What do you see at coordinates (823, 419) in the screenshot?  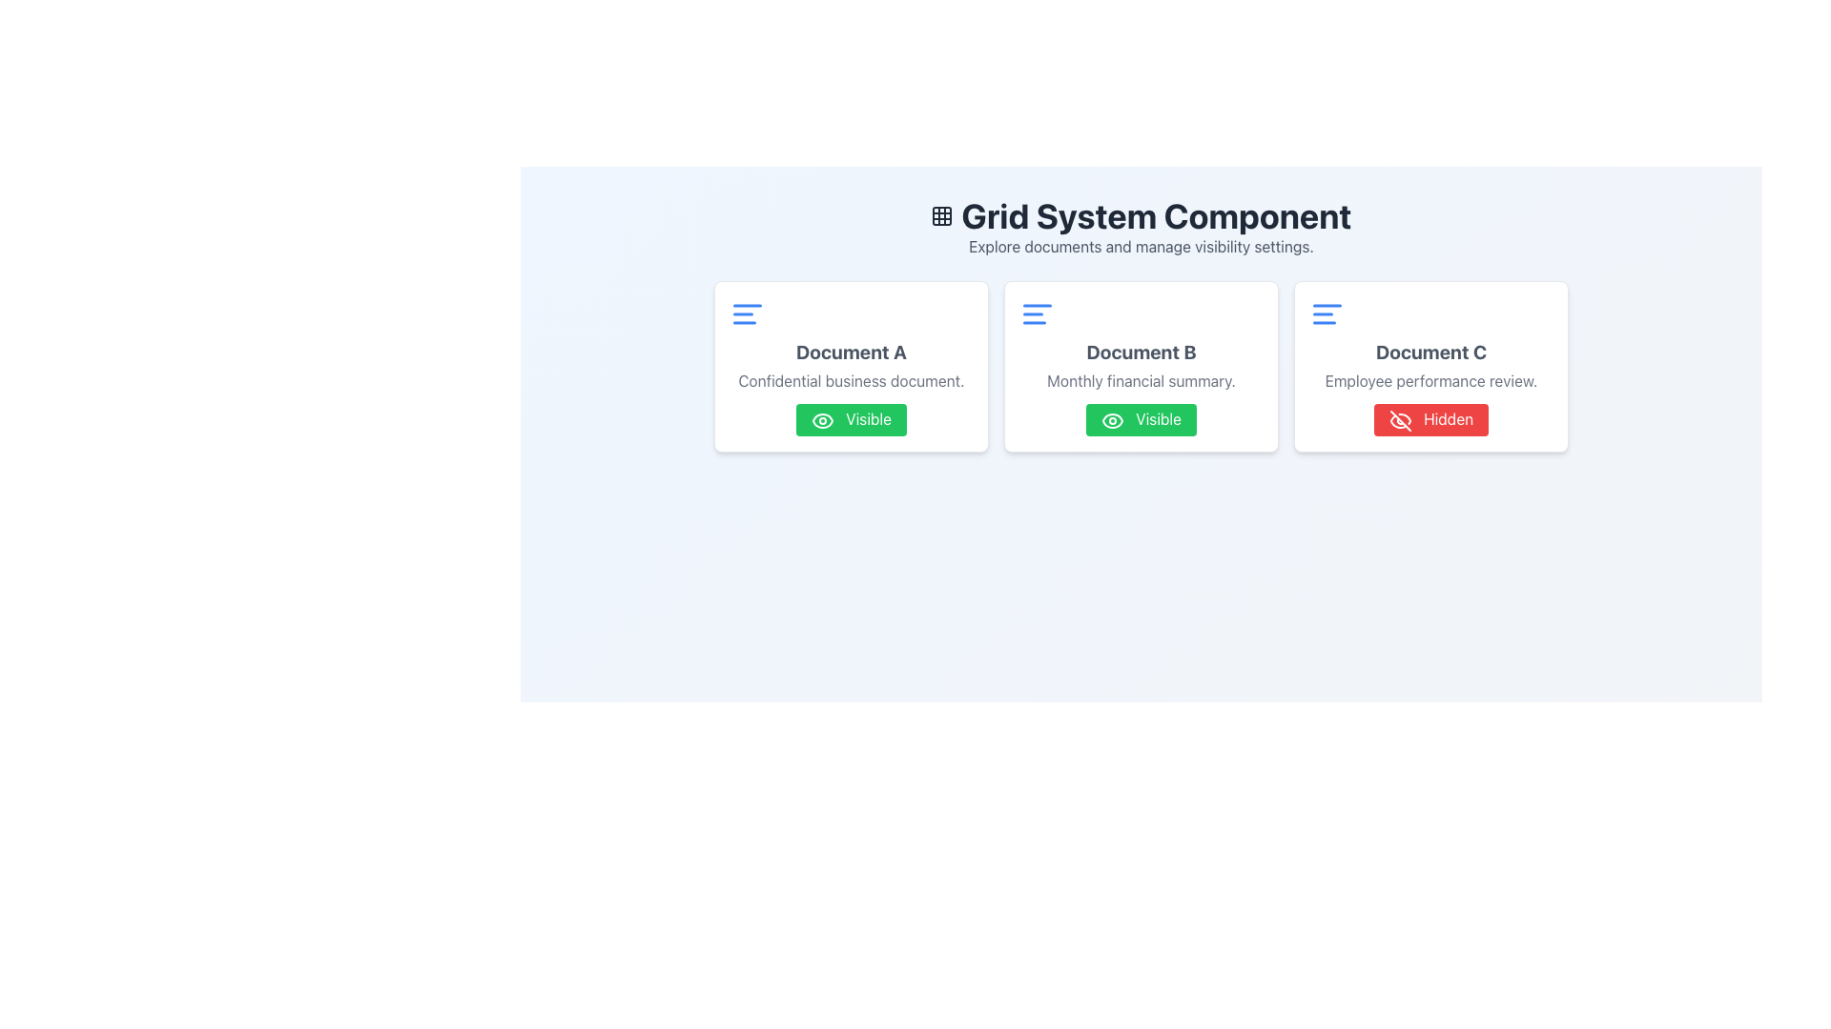 I see `the visibility status icon located on the left side of the 'Visible' button in the 'Document A' card` at bounding box center [823, 419].